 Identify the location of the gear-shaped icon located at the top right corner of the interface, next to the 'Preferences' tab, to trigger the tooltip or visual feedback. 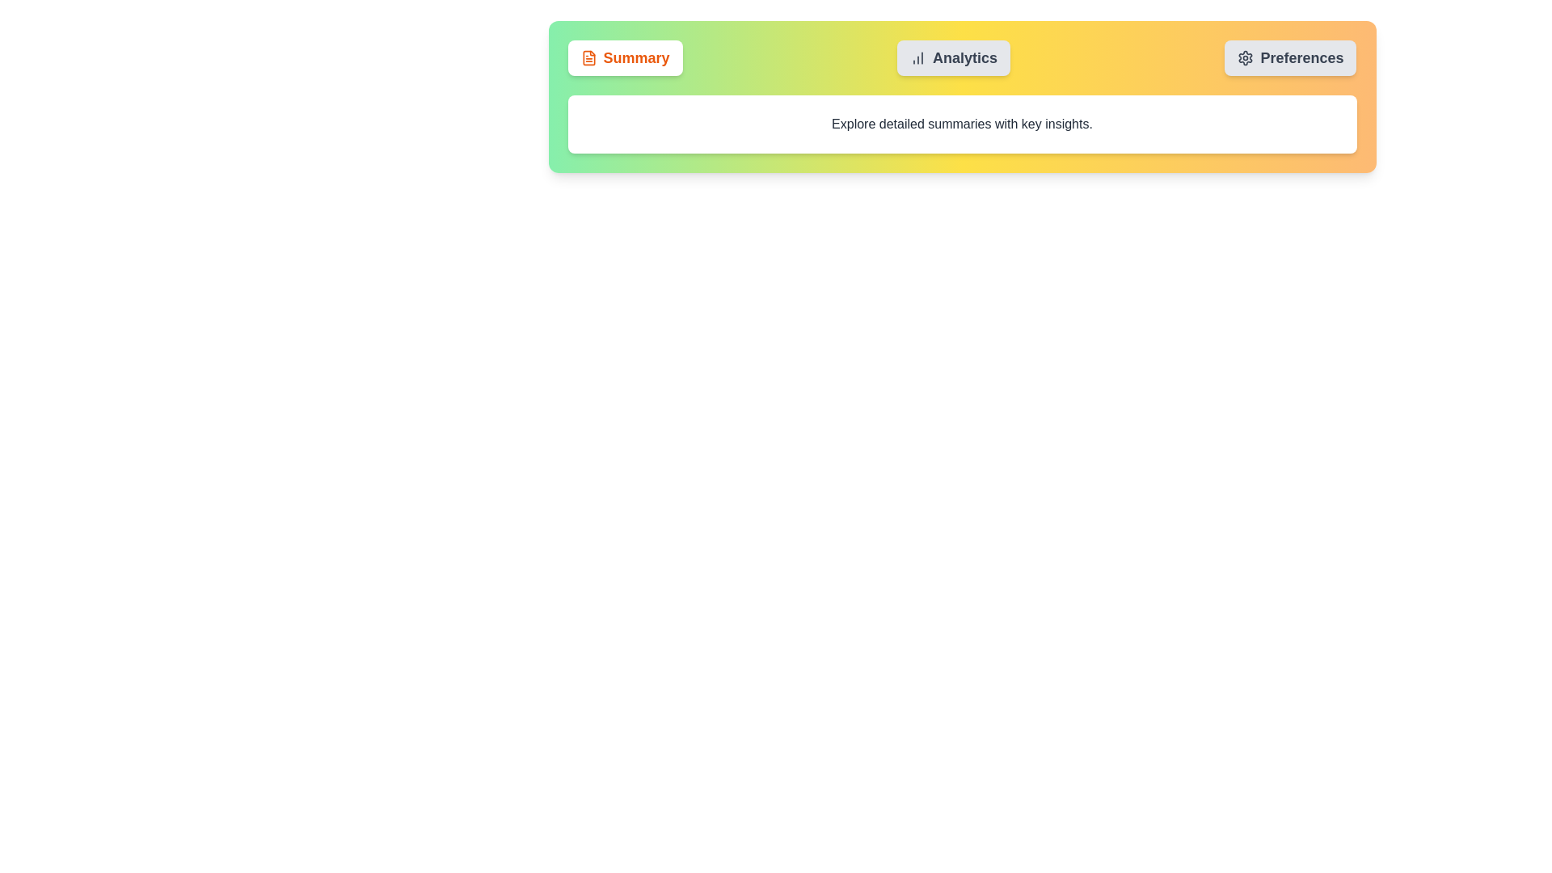
(1245, 57).